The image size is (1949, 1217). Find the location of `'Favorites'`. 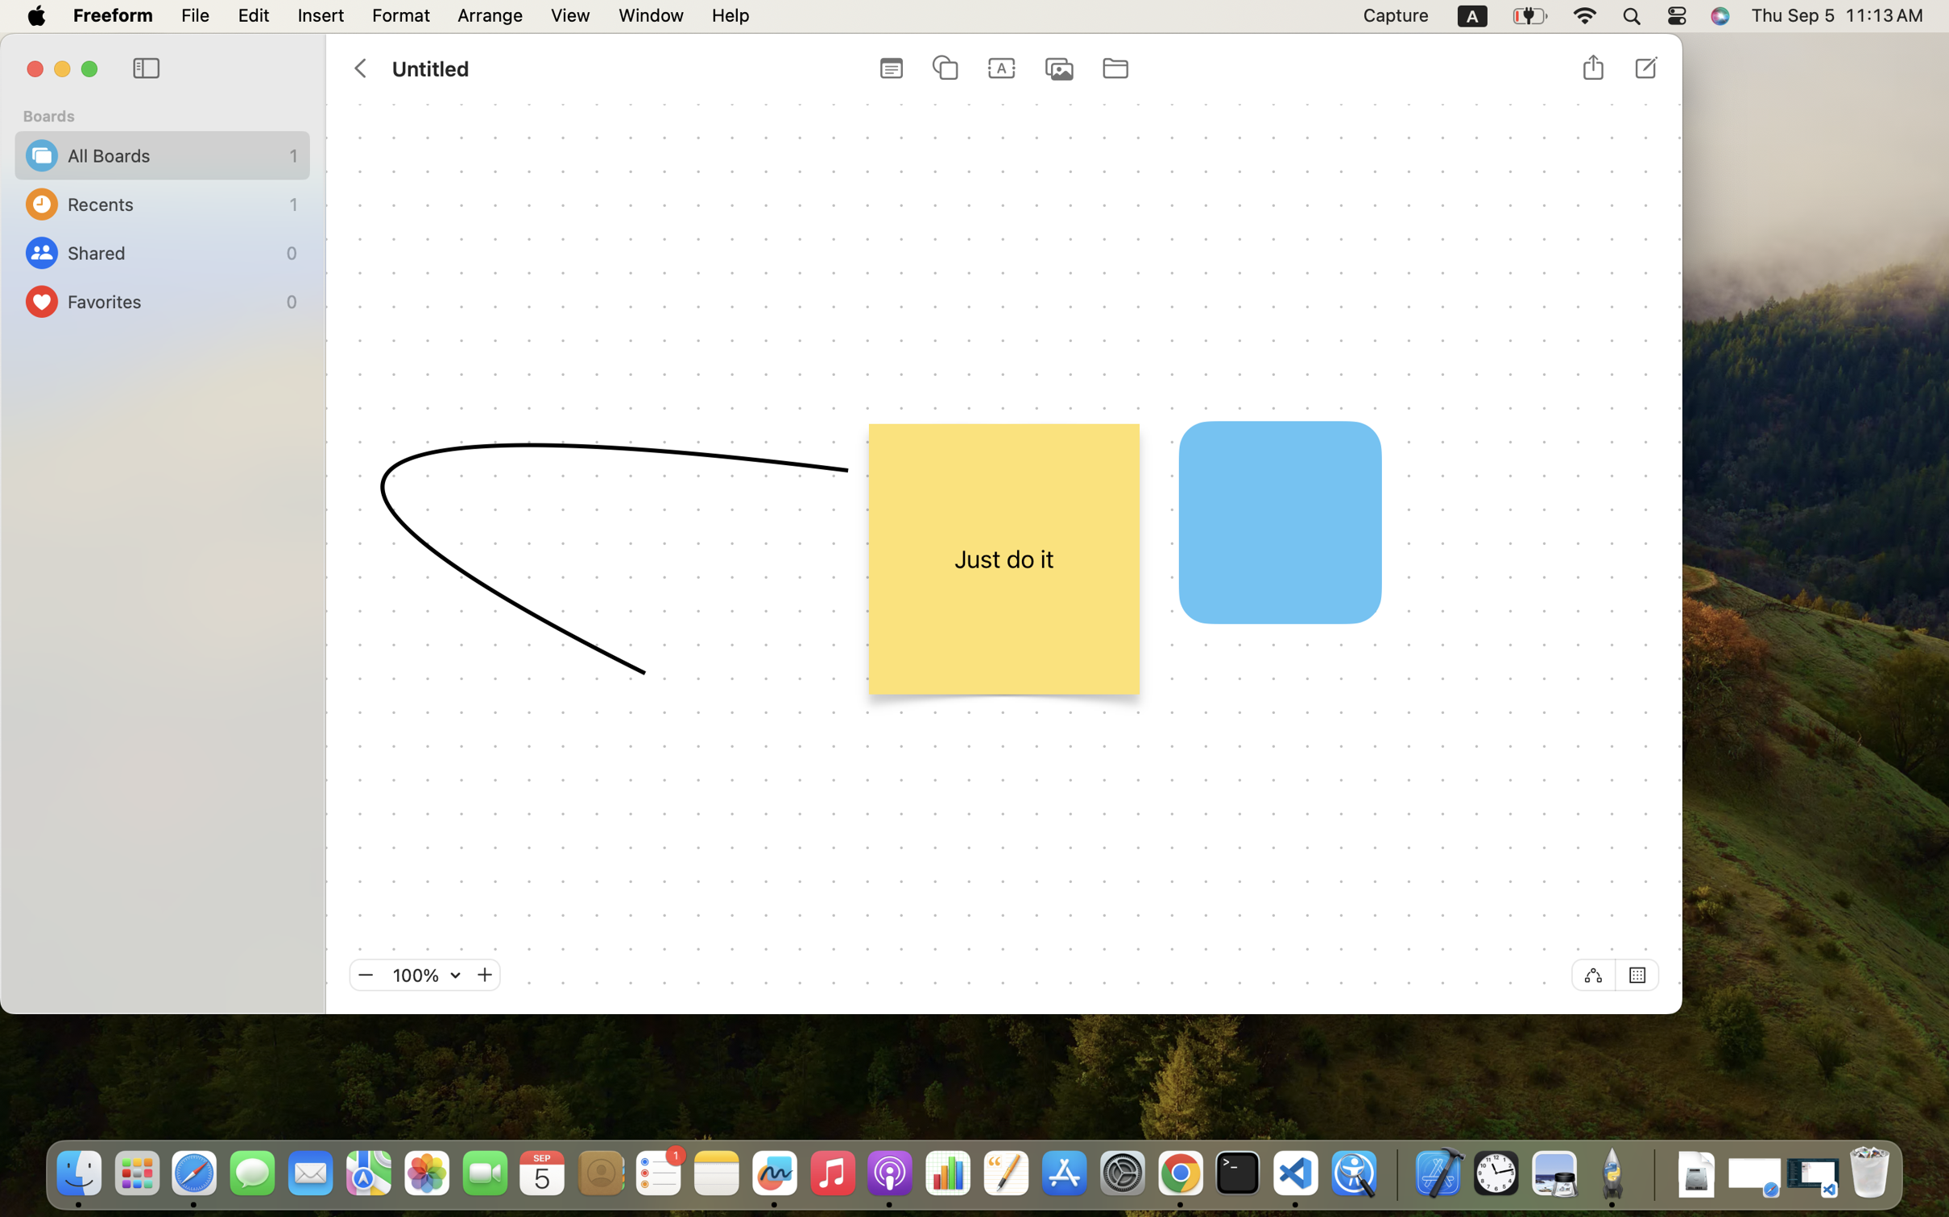

'Favorites' is located at coordinates (172, 301).